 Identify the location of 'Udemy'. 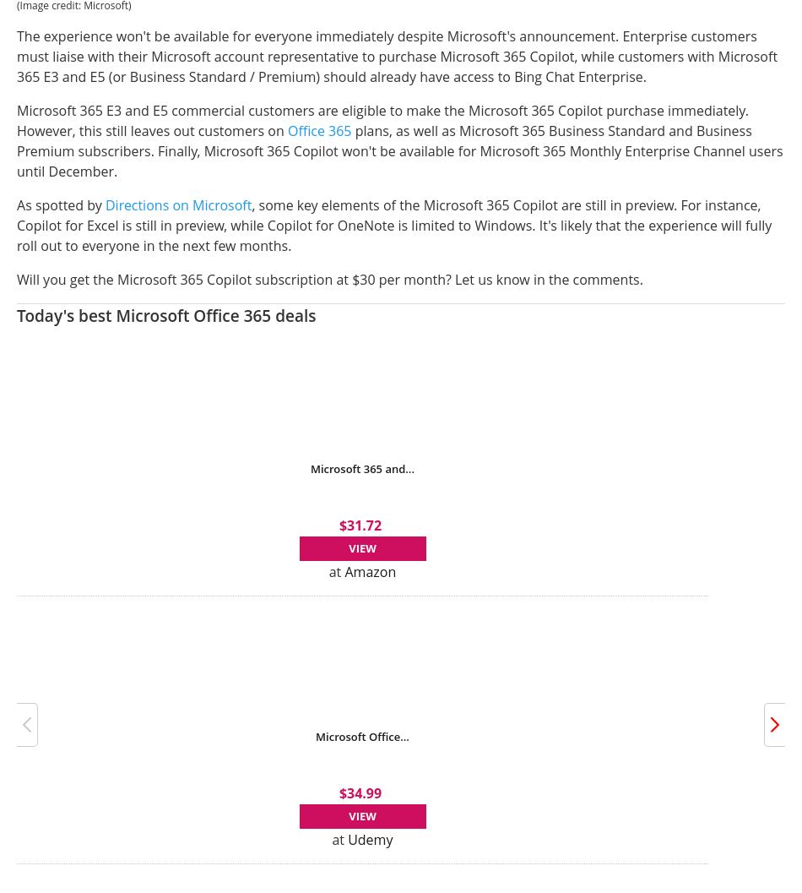
(369, 838).